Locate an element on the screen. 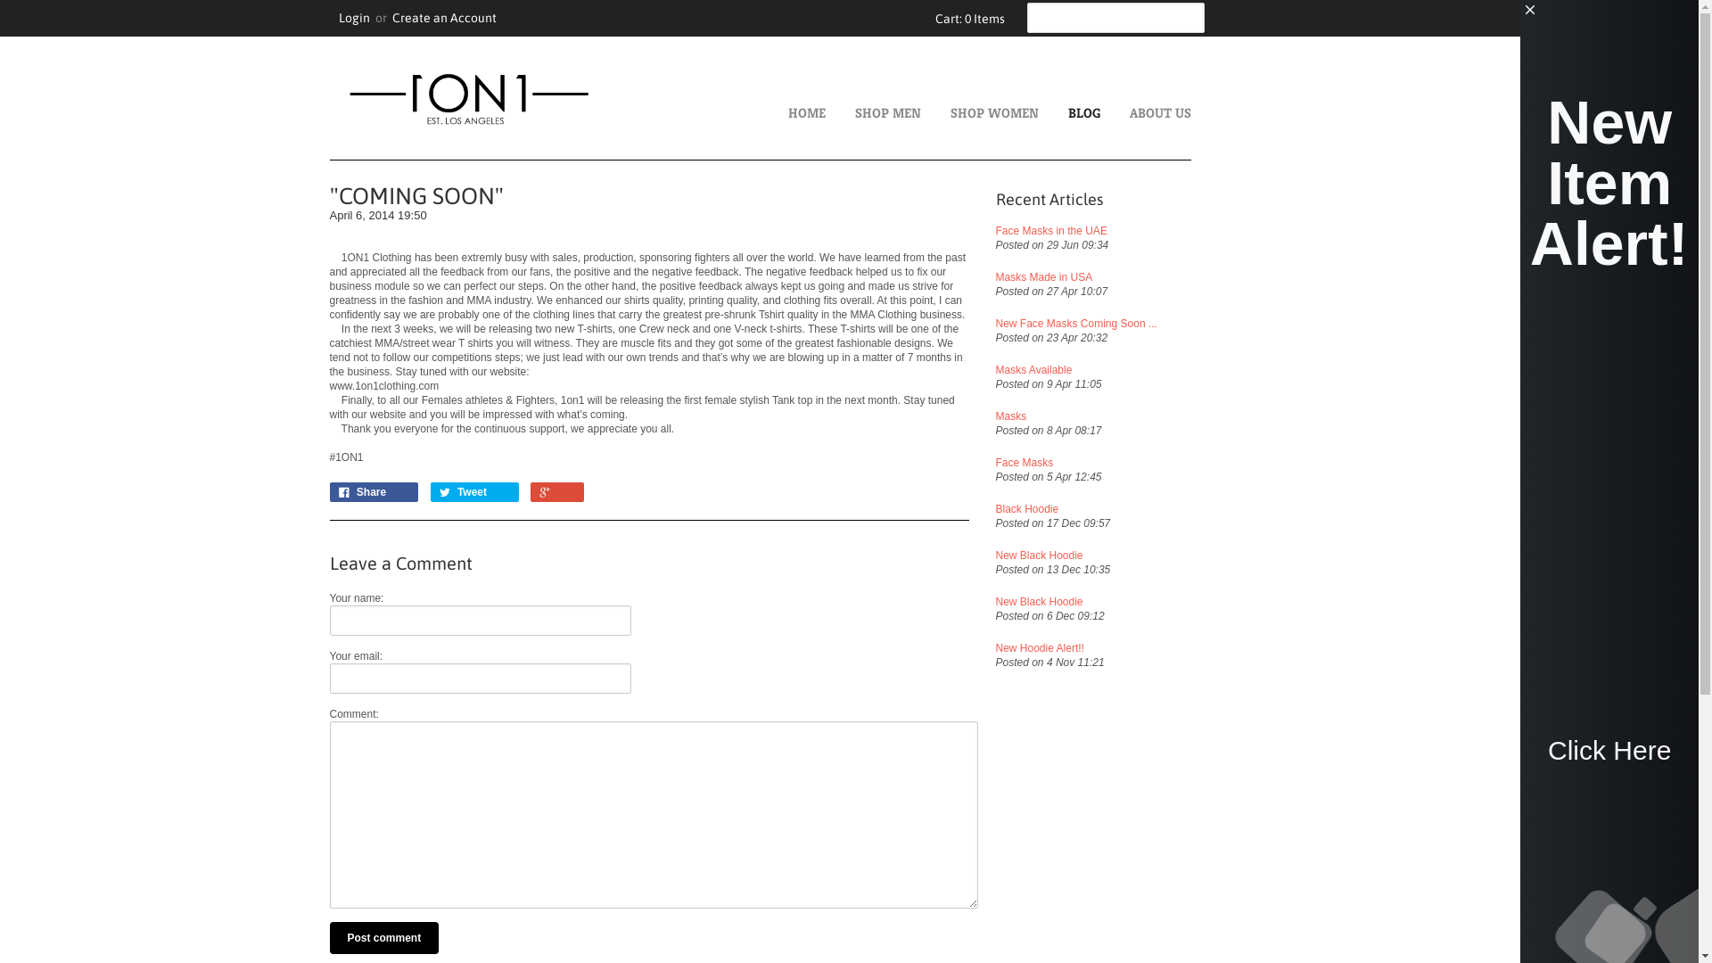  'Masks Available' is located at coordinates (1058, 369).